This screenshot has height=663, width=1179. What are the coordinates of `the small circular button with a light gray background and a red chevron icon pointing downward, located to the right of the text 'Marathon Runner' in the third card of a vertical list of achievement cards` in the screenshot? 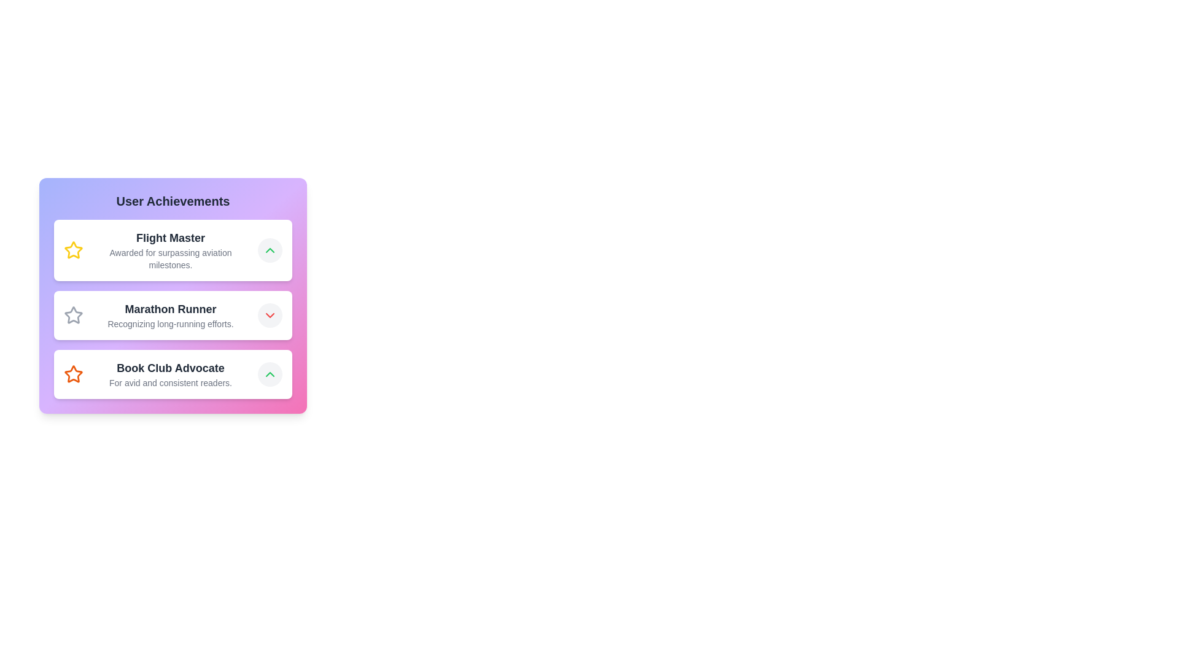 It's located at (270, 314).